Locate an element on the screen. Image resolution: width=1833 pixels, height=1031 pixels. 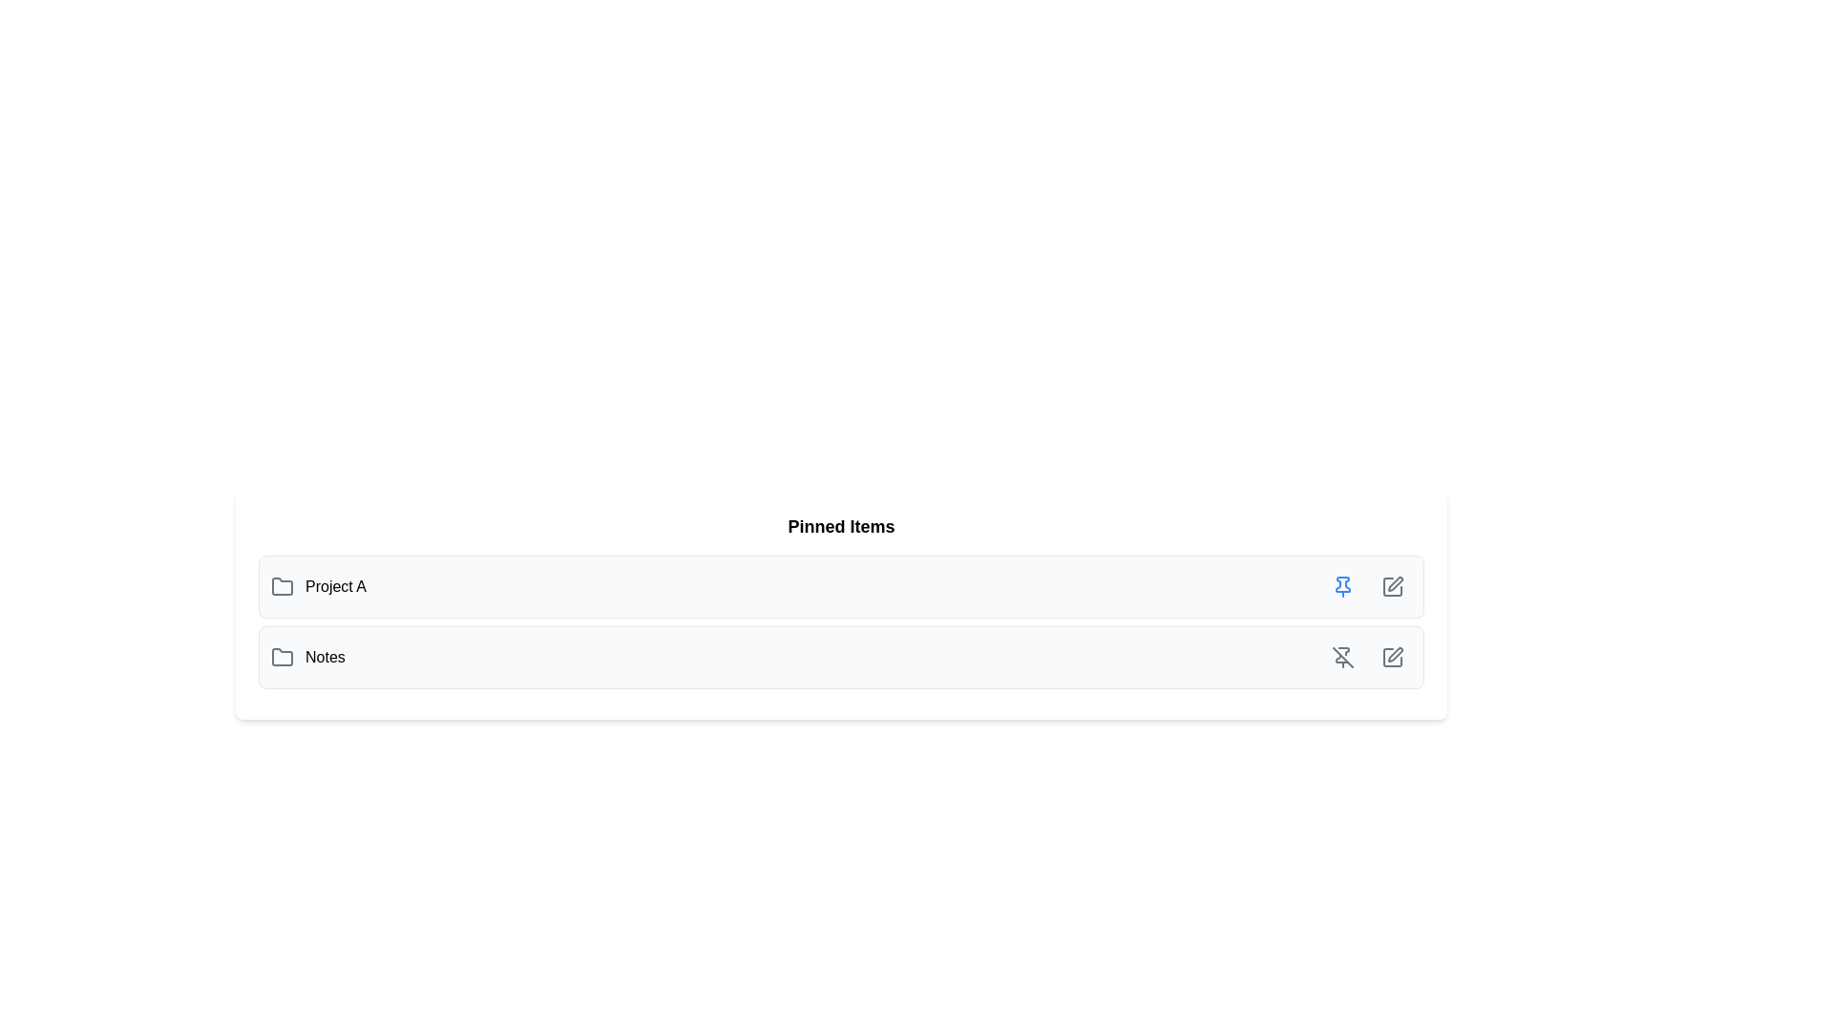
the folder icon labeled 'Notes' is located at coordinates (307, 657).